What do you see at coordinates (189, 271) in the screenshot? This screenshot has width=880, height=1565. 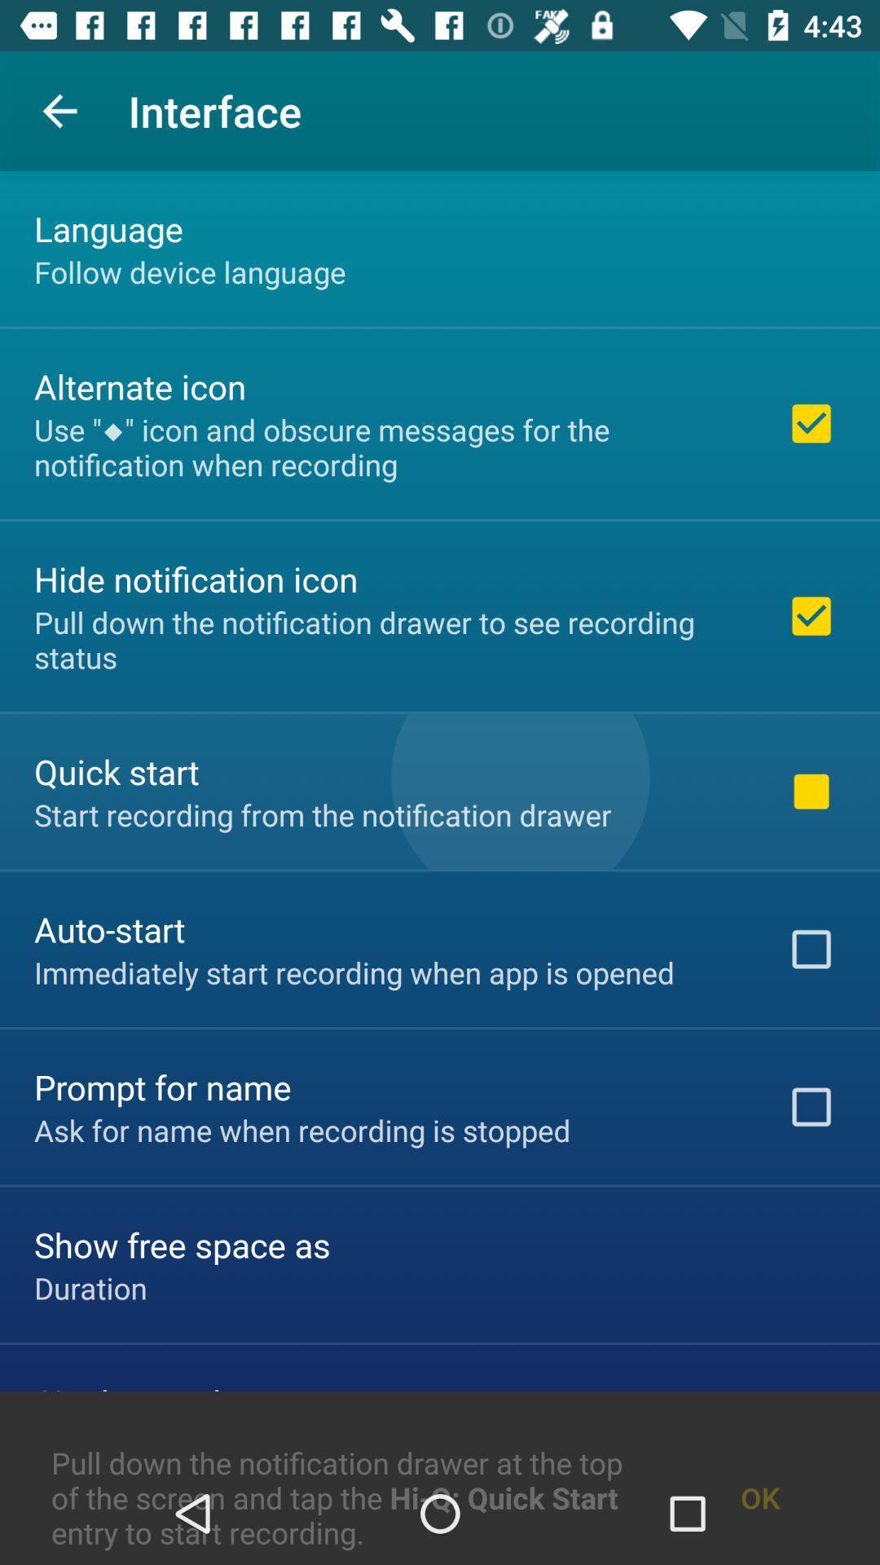 I see `icon above alternate icon` at bounding box center [189, 271].